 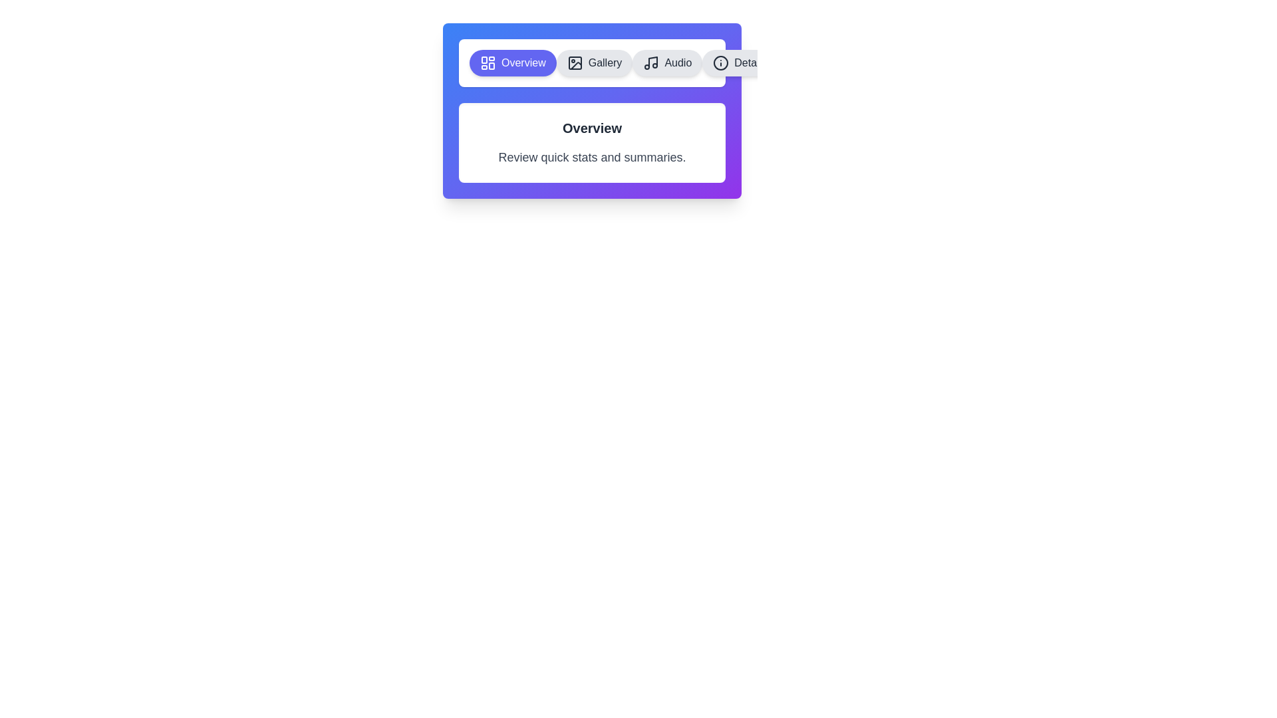 What do you see at coordinates (512, 63) in the screenshot?
I see `the tab labeled Overview` at bounding box center [512, 63].